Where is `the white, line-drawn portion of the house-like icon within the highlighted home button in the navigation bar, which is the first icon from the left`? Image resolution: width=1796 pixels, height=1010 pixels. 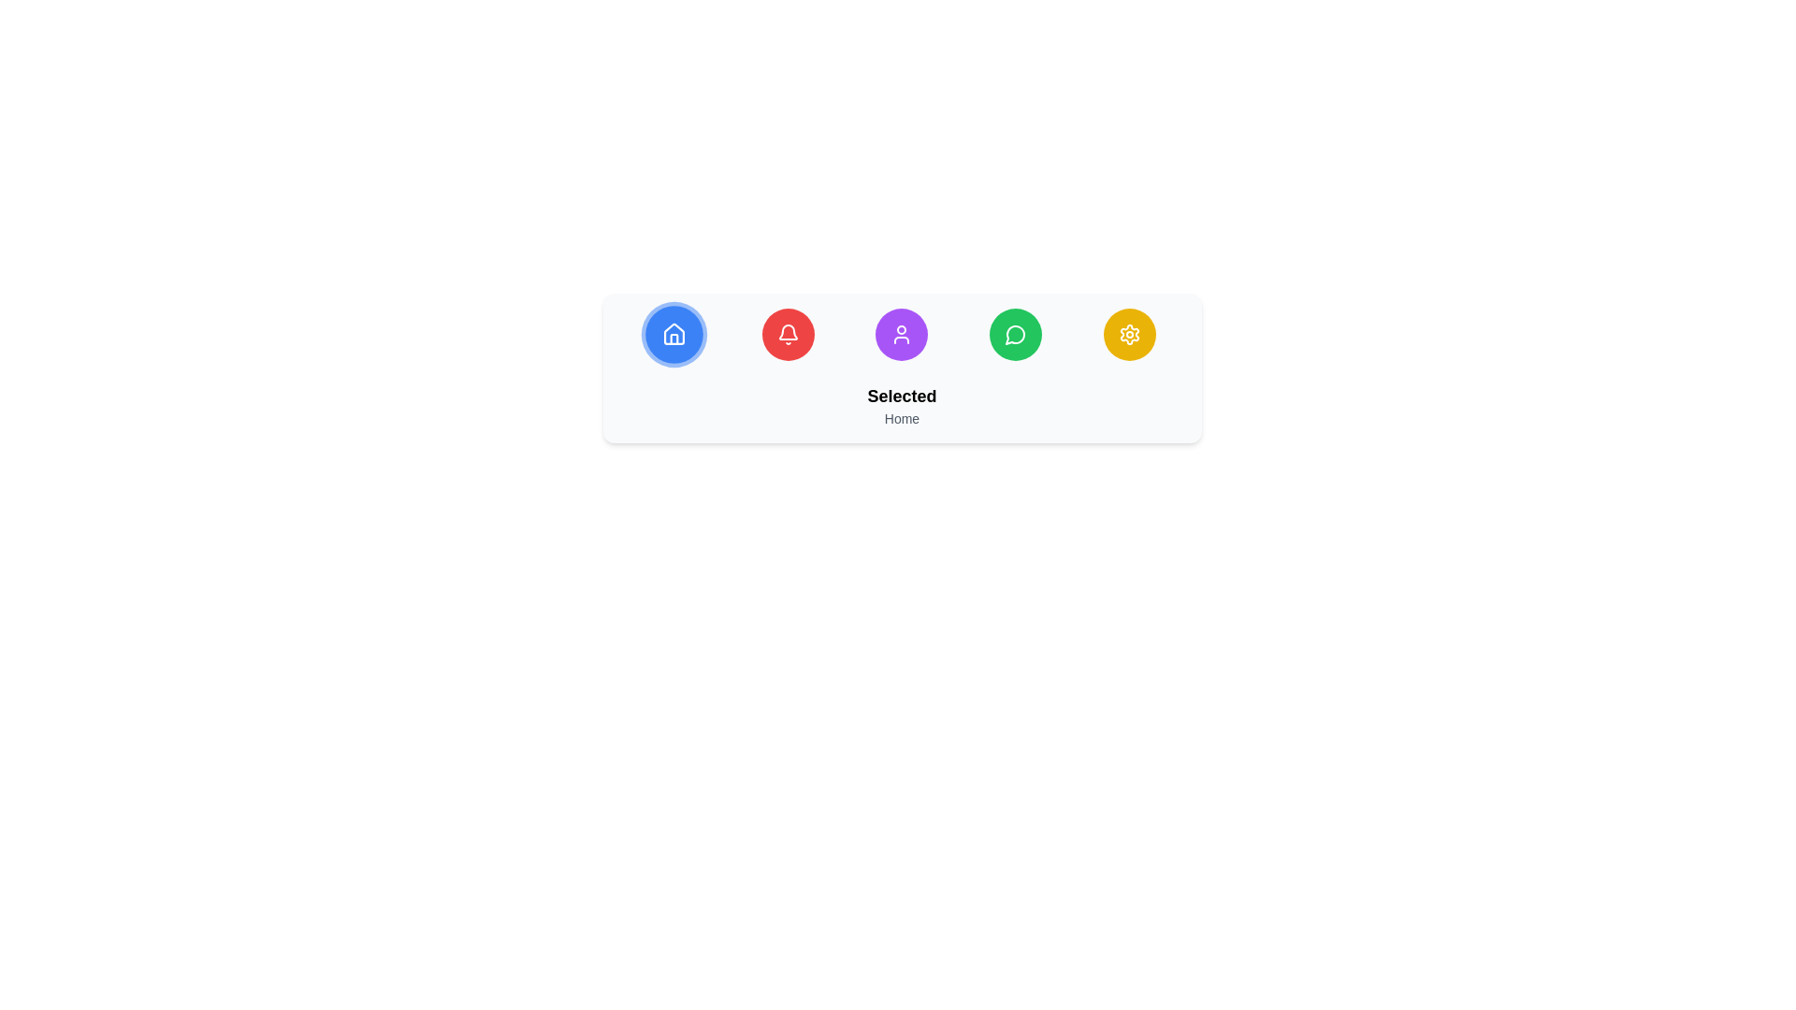 the white, line-drawn portion of the house-like icon within the highlighted home button in the navigation bar, which is the first icon from the left is located at coordinates (673, 333).